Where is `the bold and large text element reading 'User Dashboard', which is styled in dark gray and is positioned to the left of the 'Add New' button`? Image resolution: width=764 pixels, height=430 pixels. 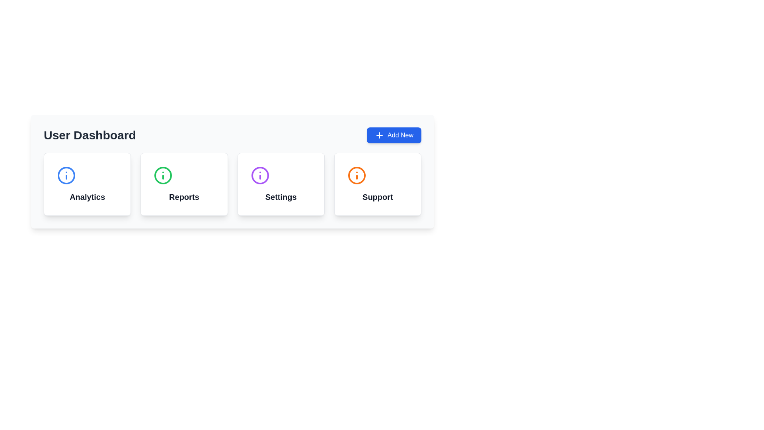
the bold and large text element reading 'User Dashboard', which is styled in dark gray and is positioned to the left of the 'Add New' button is located at coordinates (90, 135).